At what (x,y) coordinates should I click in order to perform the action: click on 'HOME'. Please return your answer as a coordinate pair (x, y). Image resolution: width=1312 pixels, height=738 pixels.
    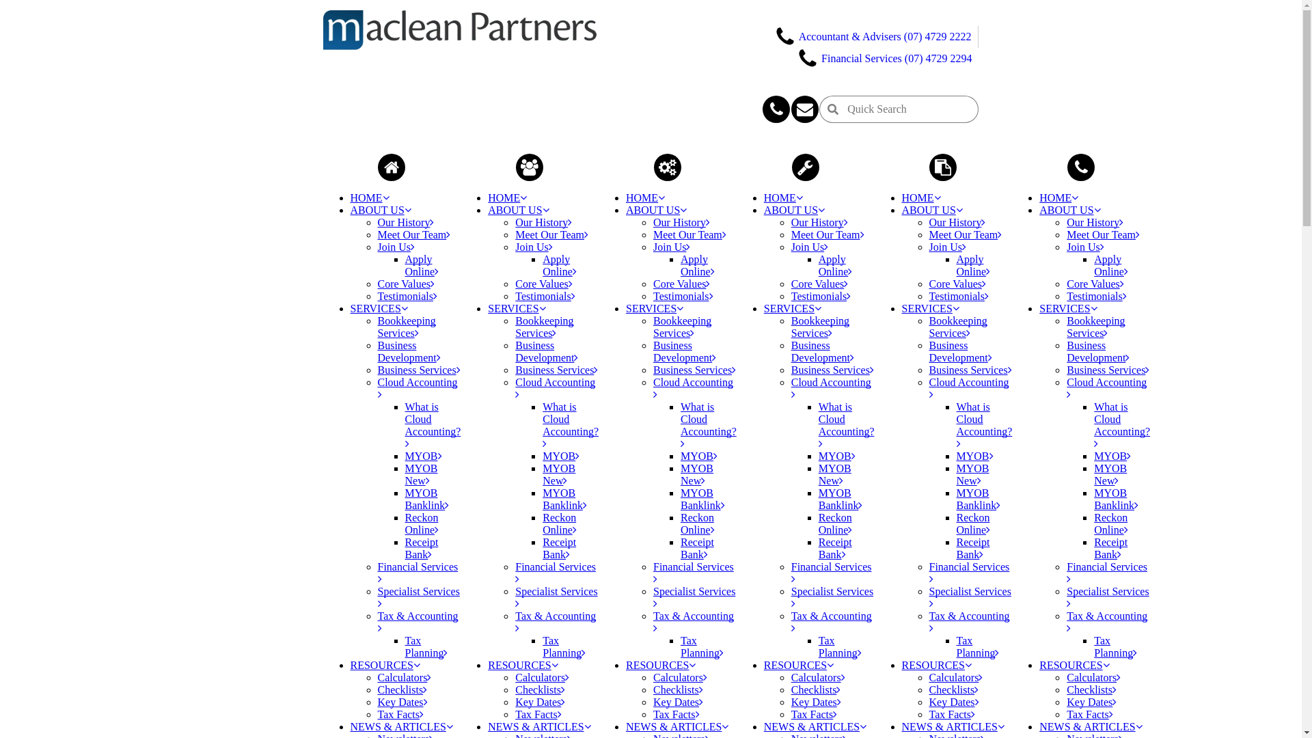
    Looking at the image, I should click on (506, 197).